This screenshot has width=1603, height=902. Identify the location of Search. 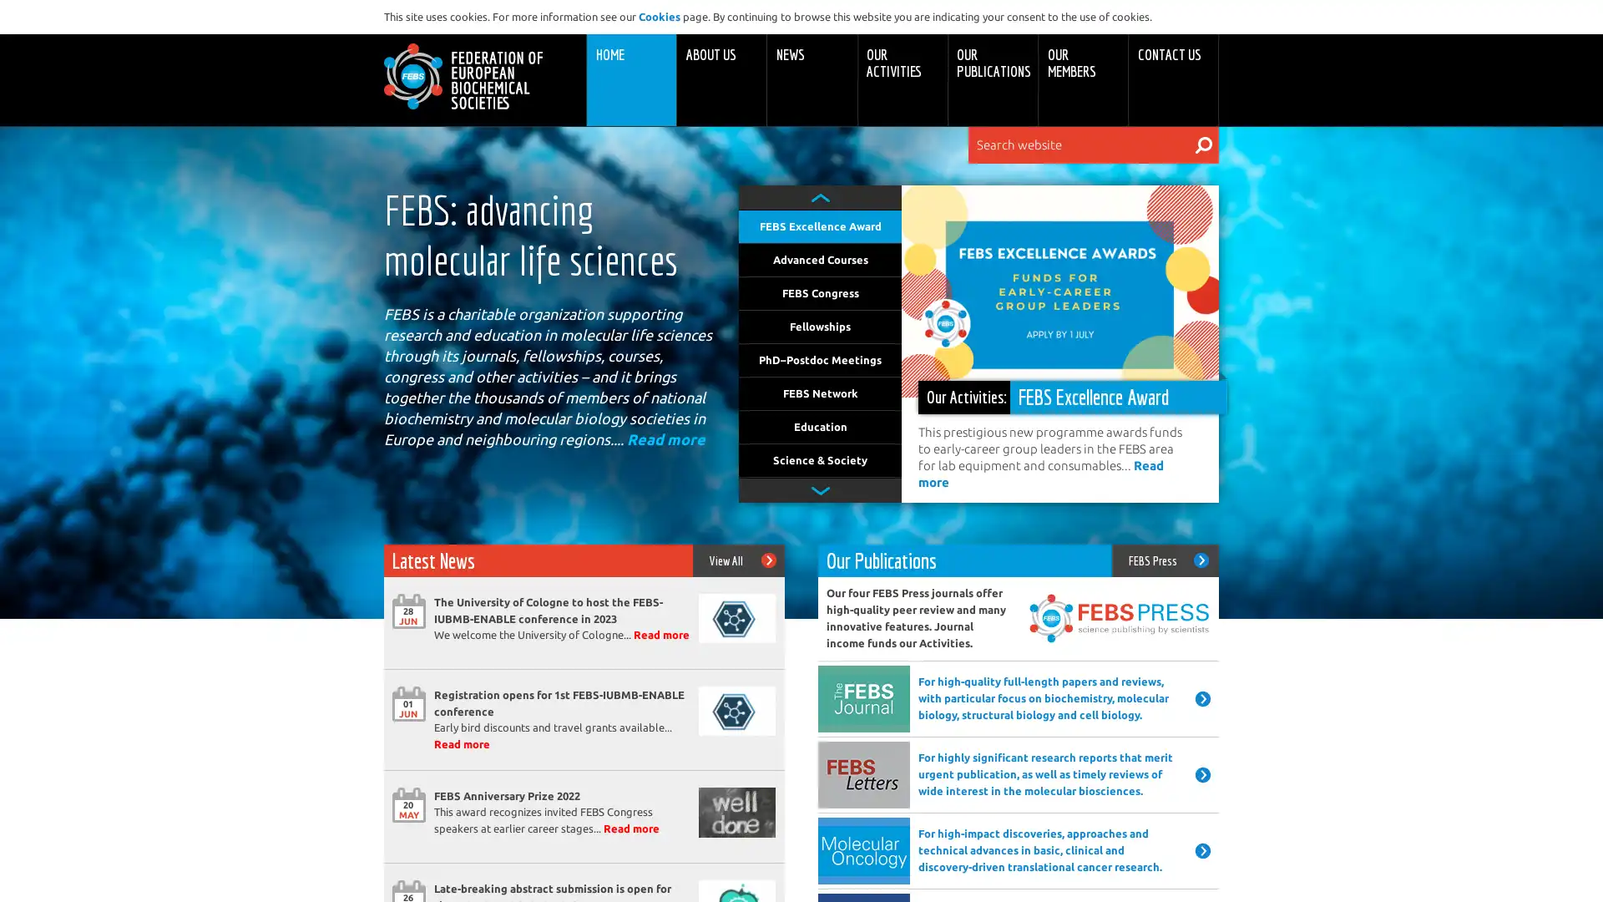
(1205, 144).